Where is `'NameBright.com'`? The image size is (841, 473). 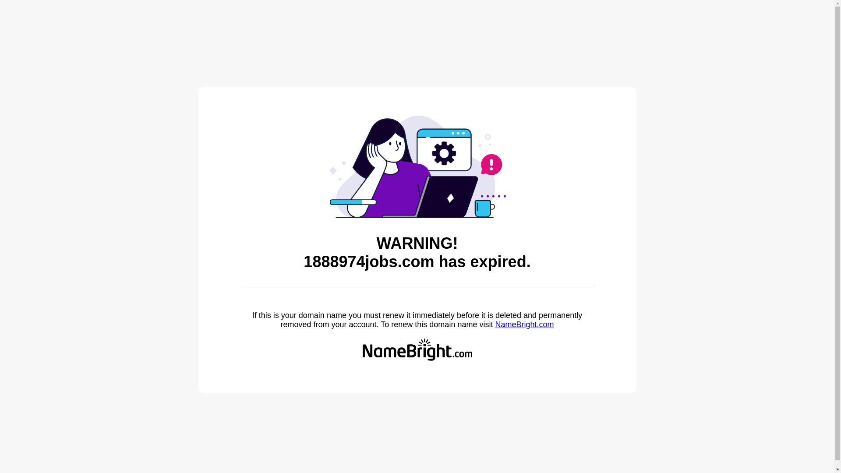 'NameBright.com' is located at coordinates (524, 324).